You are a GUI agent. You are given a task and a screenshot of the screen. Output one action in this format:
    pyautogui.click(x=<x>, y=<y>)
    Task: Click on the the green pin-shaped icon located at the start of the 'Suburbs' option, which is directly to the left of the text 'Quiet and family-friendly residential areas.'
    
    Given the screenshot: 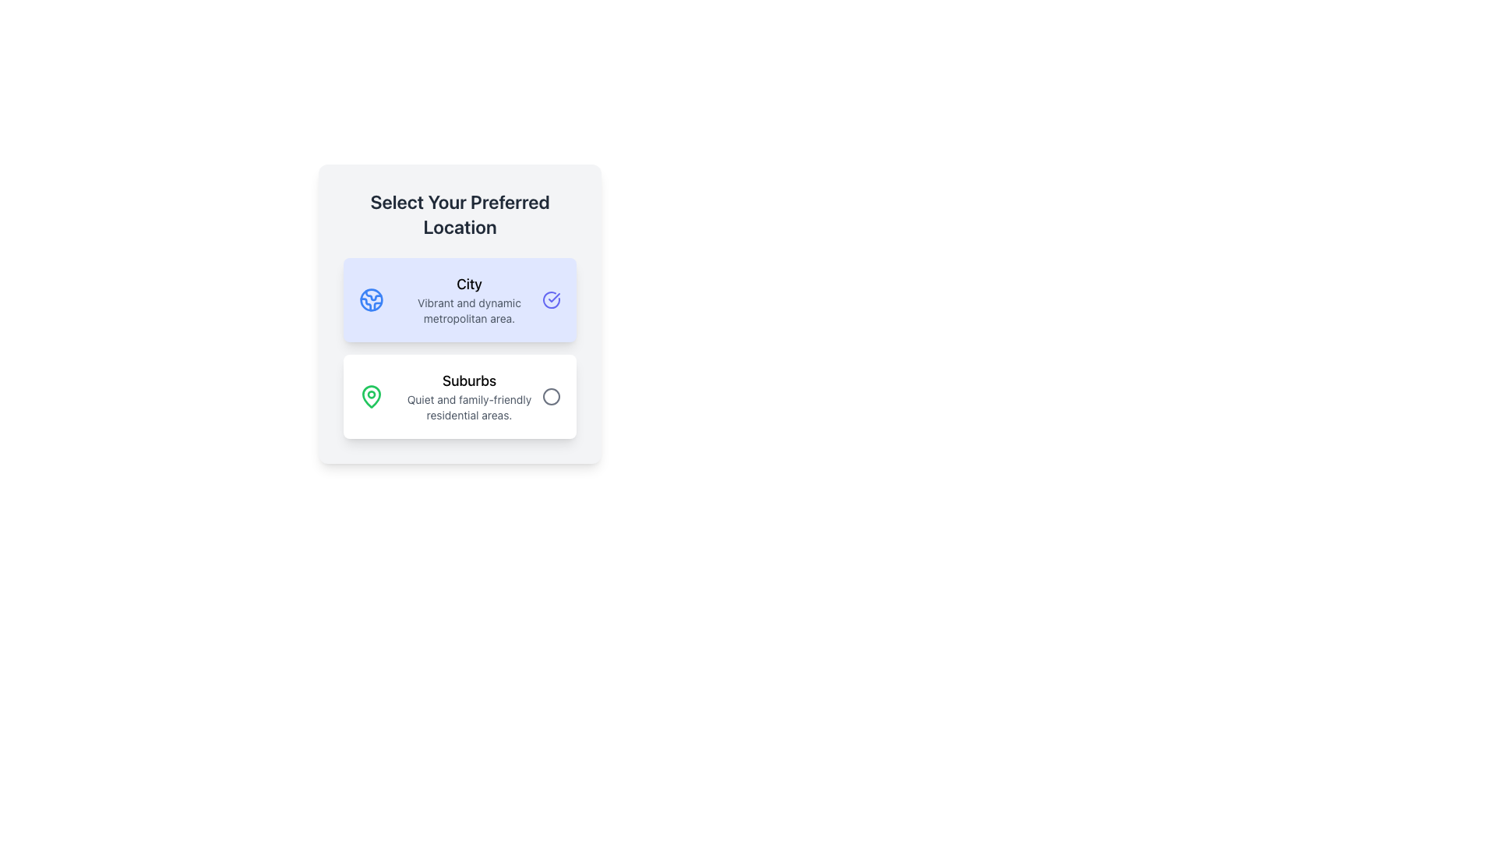 What is the action you would take?
    pyautogui.click(x=370, y=395)
    